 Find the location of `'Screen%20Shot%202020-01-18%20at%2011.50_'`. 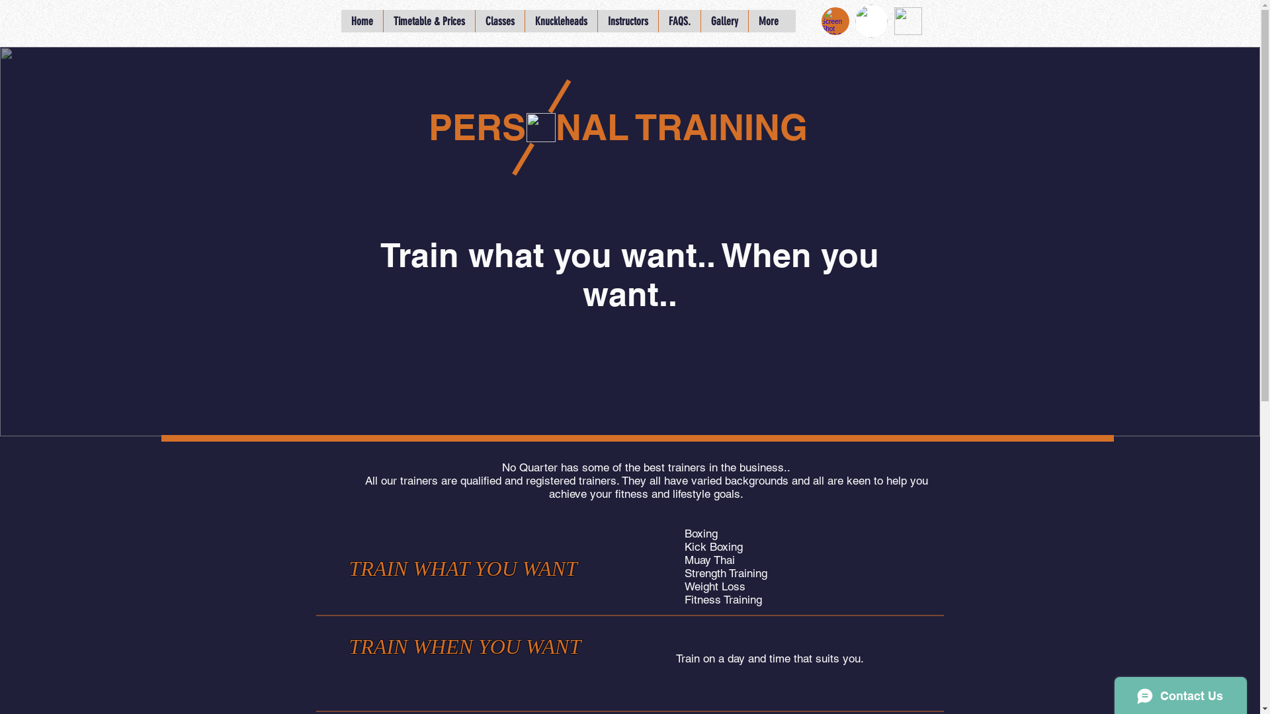

'Screen%20Shot%202020-01-18%20at%2011.50_' is located at coordinates (907, 20).